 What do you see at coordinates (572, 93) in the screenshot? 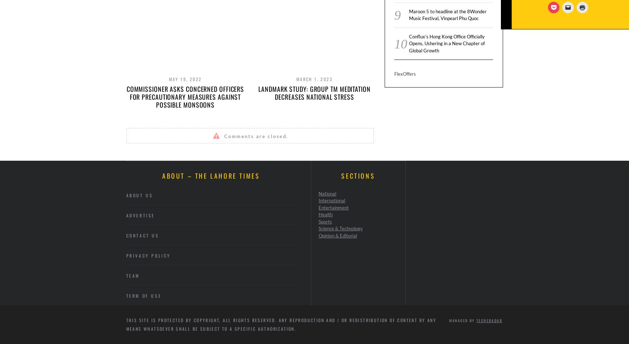
I see `'Christmas Charity Giveaway with London Square'` at bounding box center [572, 93].